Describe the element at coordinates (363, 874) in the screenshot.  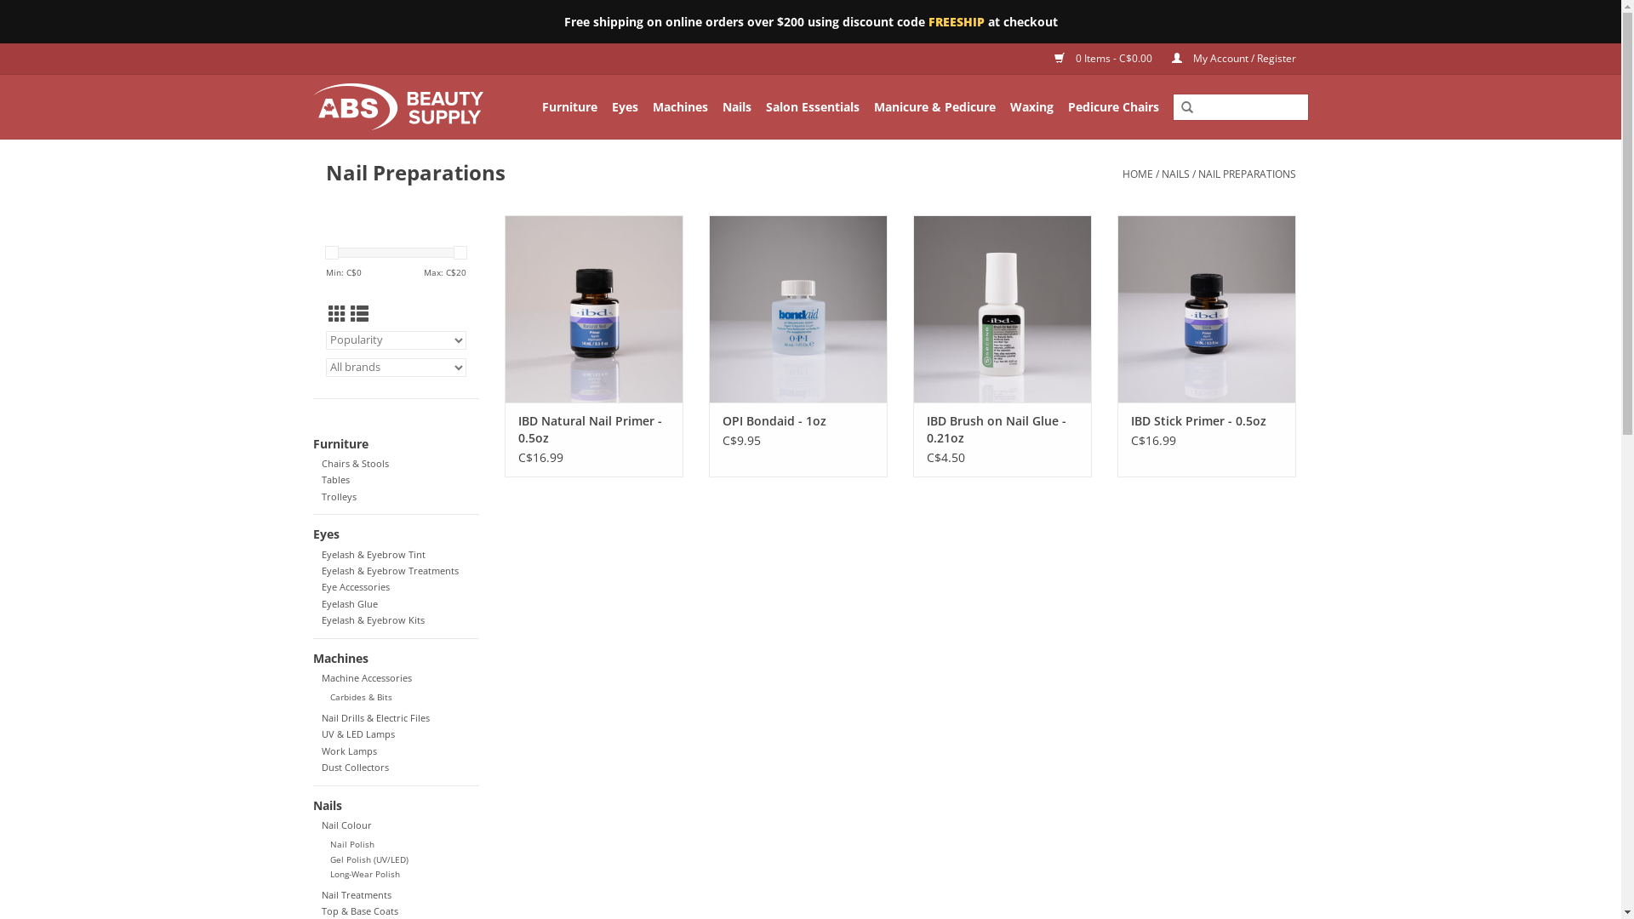
I see `'Long-Wear Polish'` at that location.